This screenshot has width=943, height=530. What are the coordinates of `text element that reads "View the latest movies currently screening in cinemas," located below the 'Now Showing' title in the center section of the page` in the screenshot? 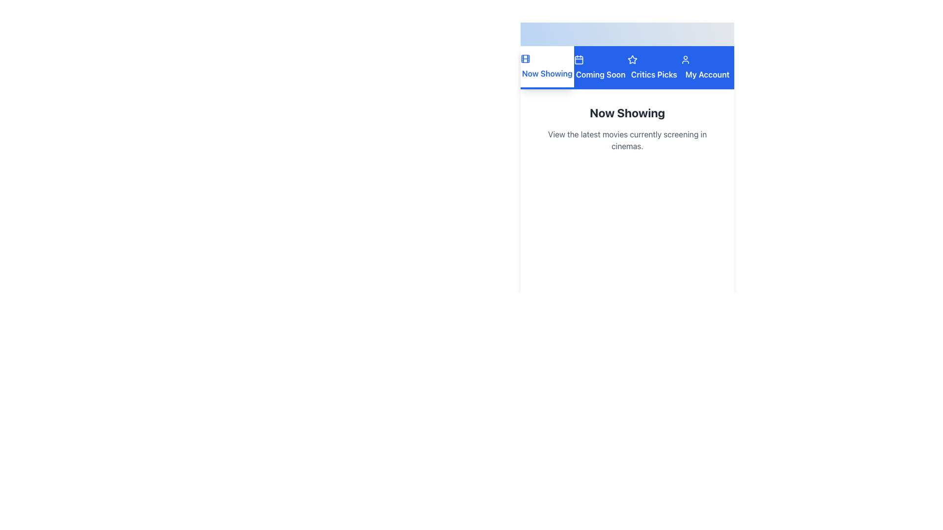 It's located at (627, 140).